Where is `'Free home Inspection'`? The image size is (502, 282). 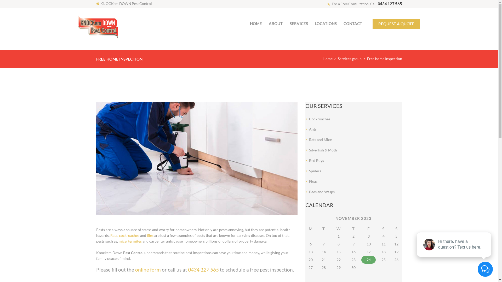
'Free home Inspection' is located at coordinates (197, 158).